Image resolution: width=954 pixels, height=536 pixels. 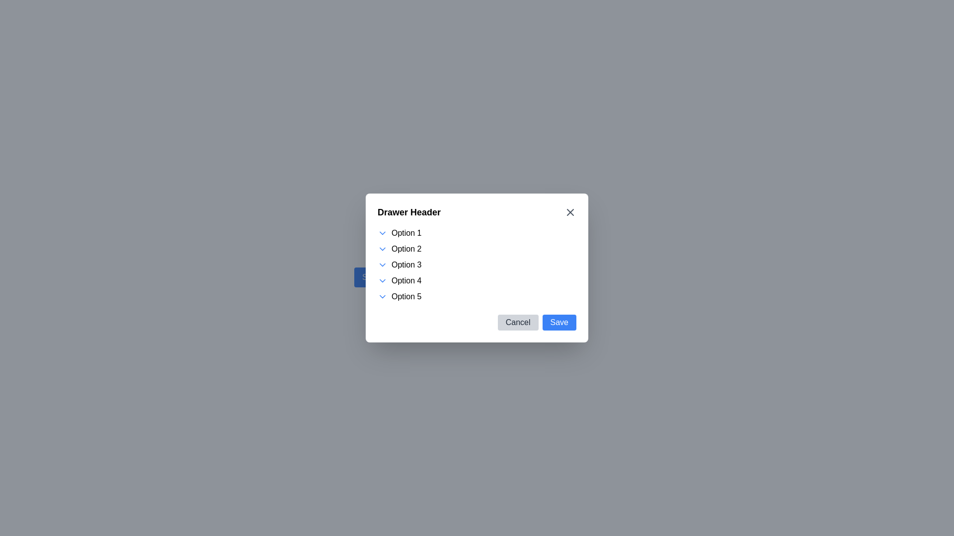 I want to click on the Chevron Icon located to the left of the 'Option 1' label, so click(x=382, y=233).